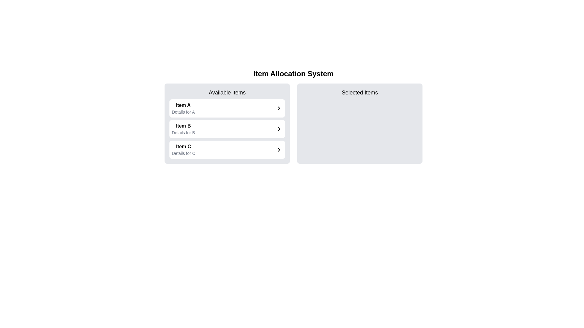 This screenshot has width=584, height=328. Describe the element at coordinates (227, 108) in the screenshot. I see `the first list item labeled 'Item A'` at that location.